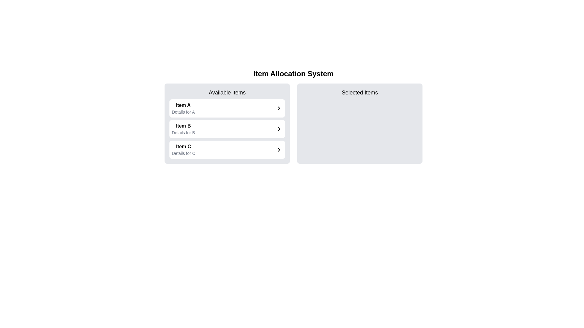 This screenshot has width=584, height=328. Describe the element at coordinates (227, 108) in the screenshot. I see `the first list item labeled 'Item A'` at that location.